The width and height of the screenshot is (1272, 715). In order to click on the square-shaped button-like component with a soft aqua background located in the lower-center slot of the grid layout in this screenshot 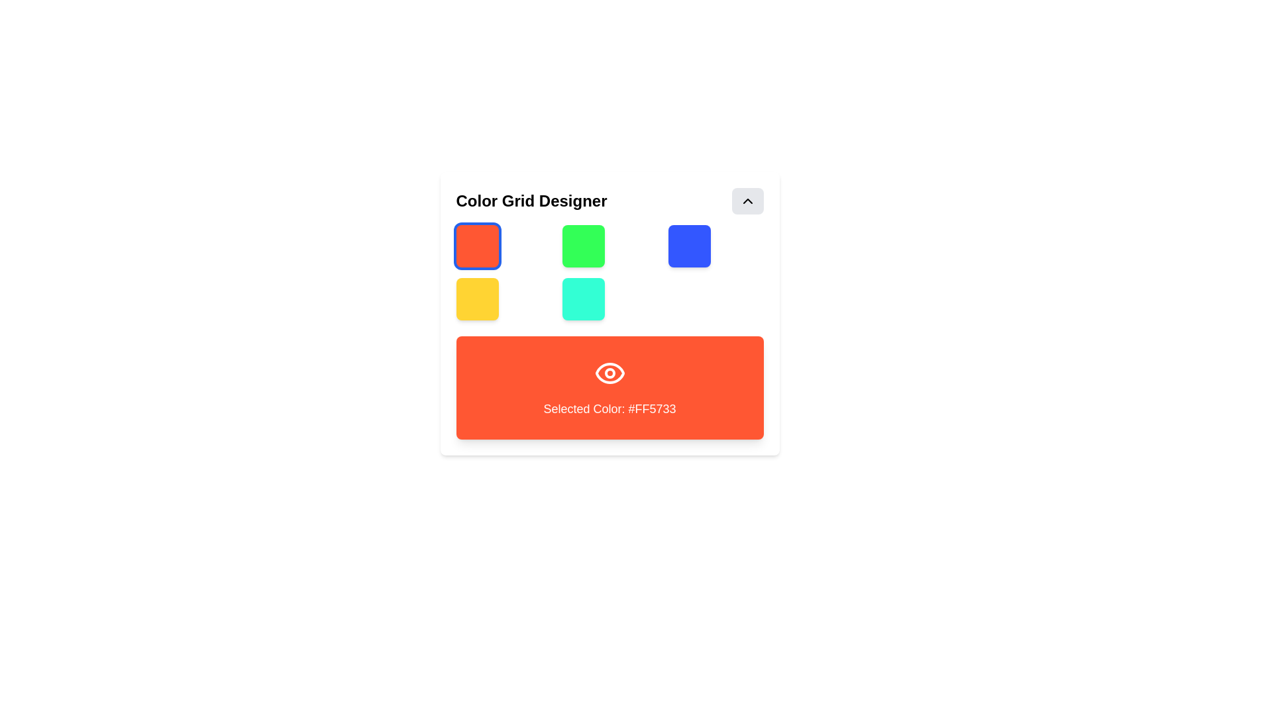, I will do `click(583, 299)`.